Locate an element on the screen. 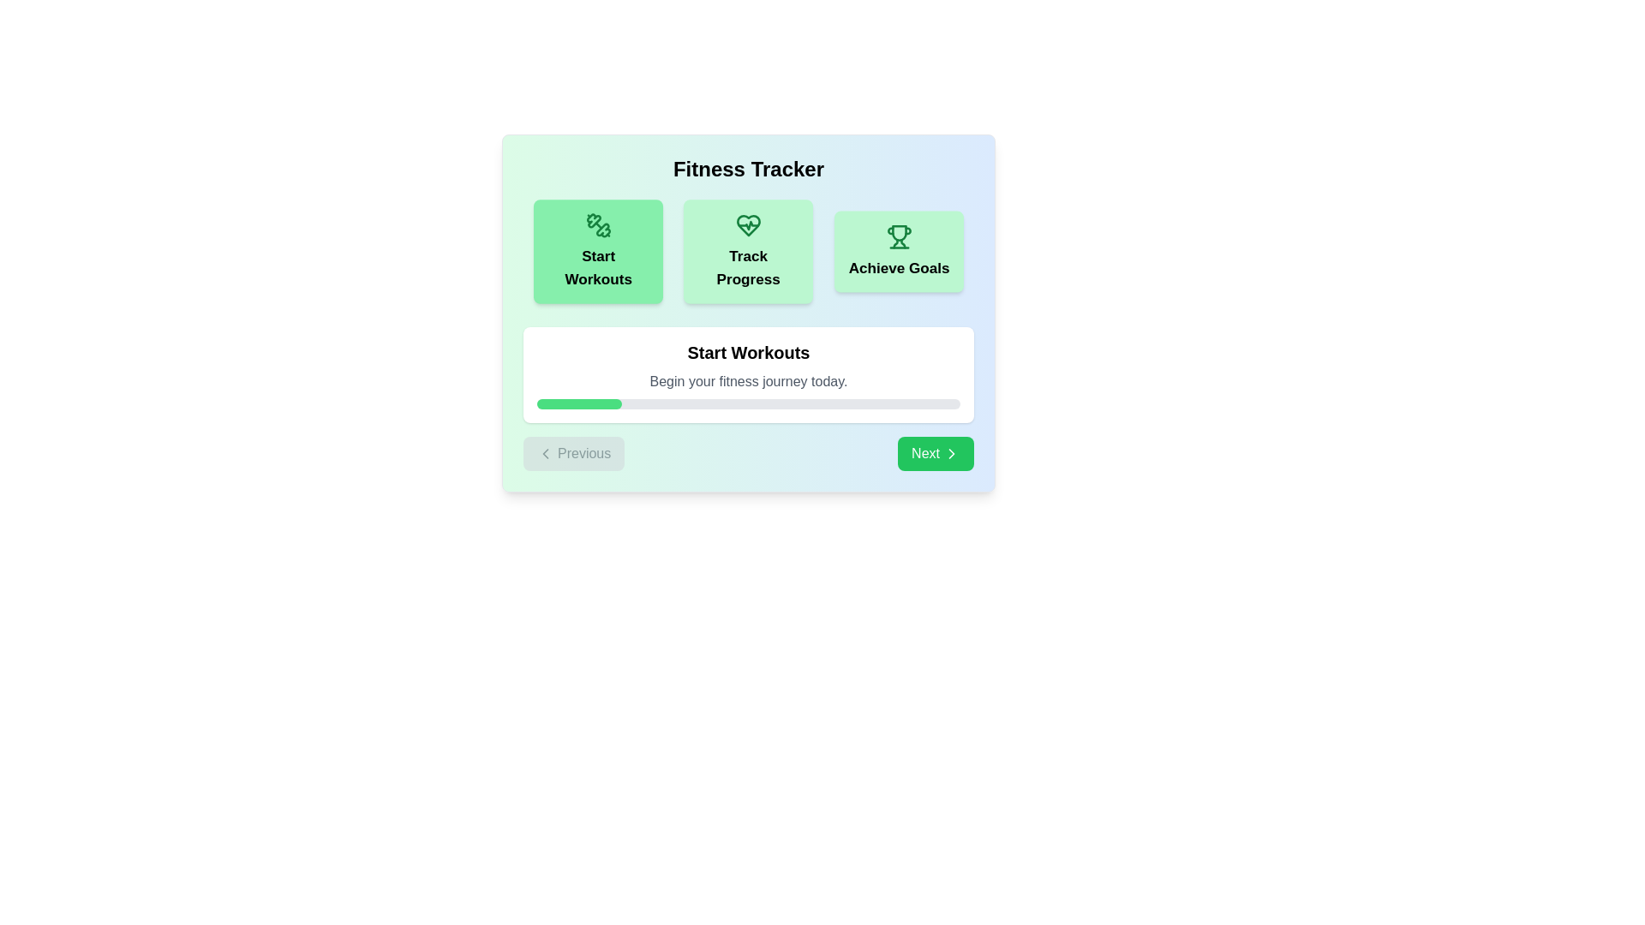  the heart-shaped SVG icon with a pulse line, styled with a green outline, located above the 'Track Progress' text is located at coordinates (748, 224).